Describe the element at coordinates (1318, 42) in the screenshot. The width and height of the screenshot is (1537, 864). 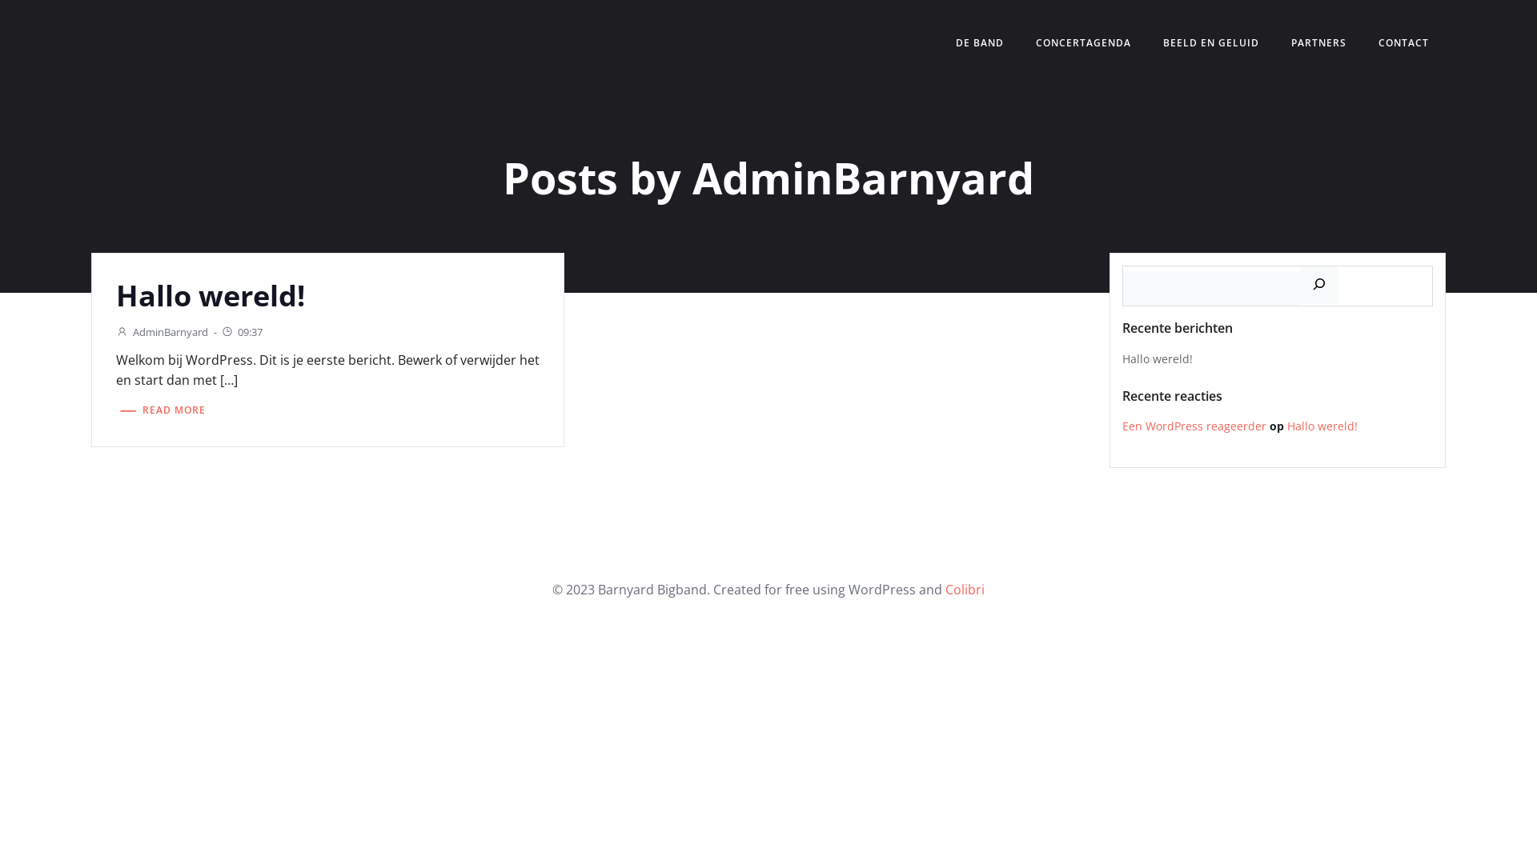
I see `'PARTNERS'` at that location.